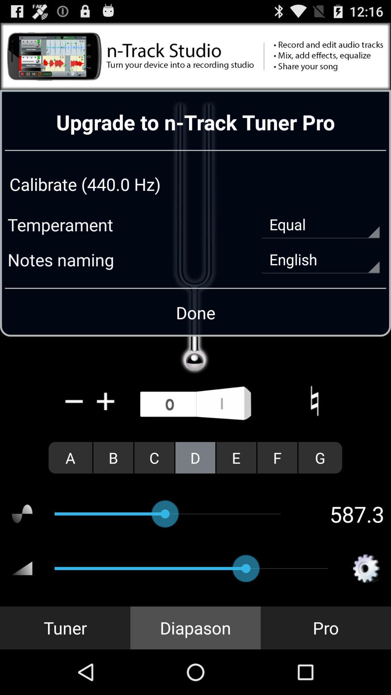  What do you see at coordinates (195, 457) in the screenshot?
I see `the item to the right of the c radio button` at bounding box center [195, 457].